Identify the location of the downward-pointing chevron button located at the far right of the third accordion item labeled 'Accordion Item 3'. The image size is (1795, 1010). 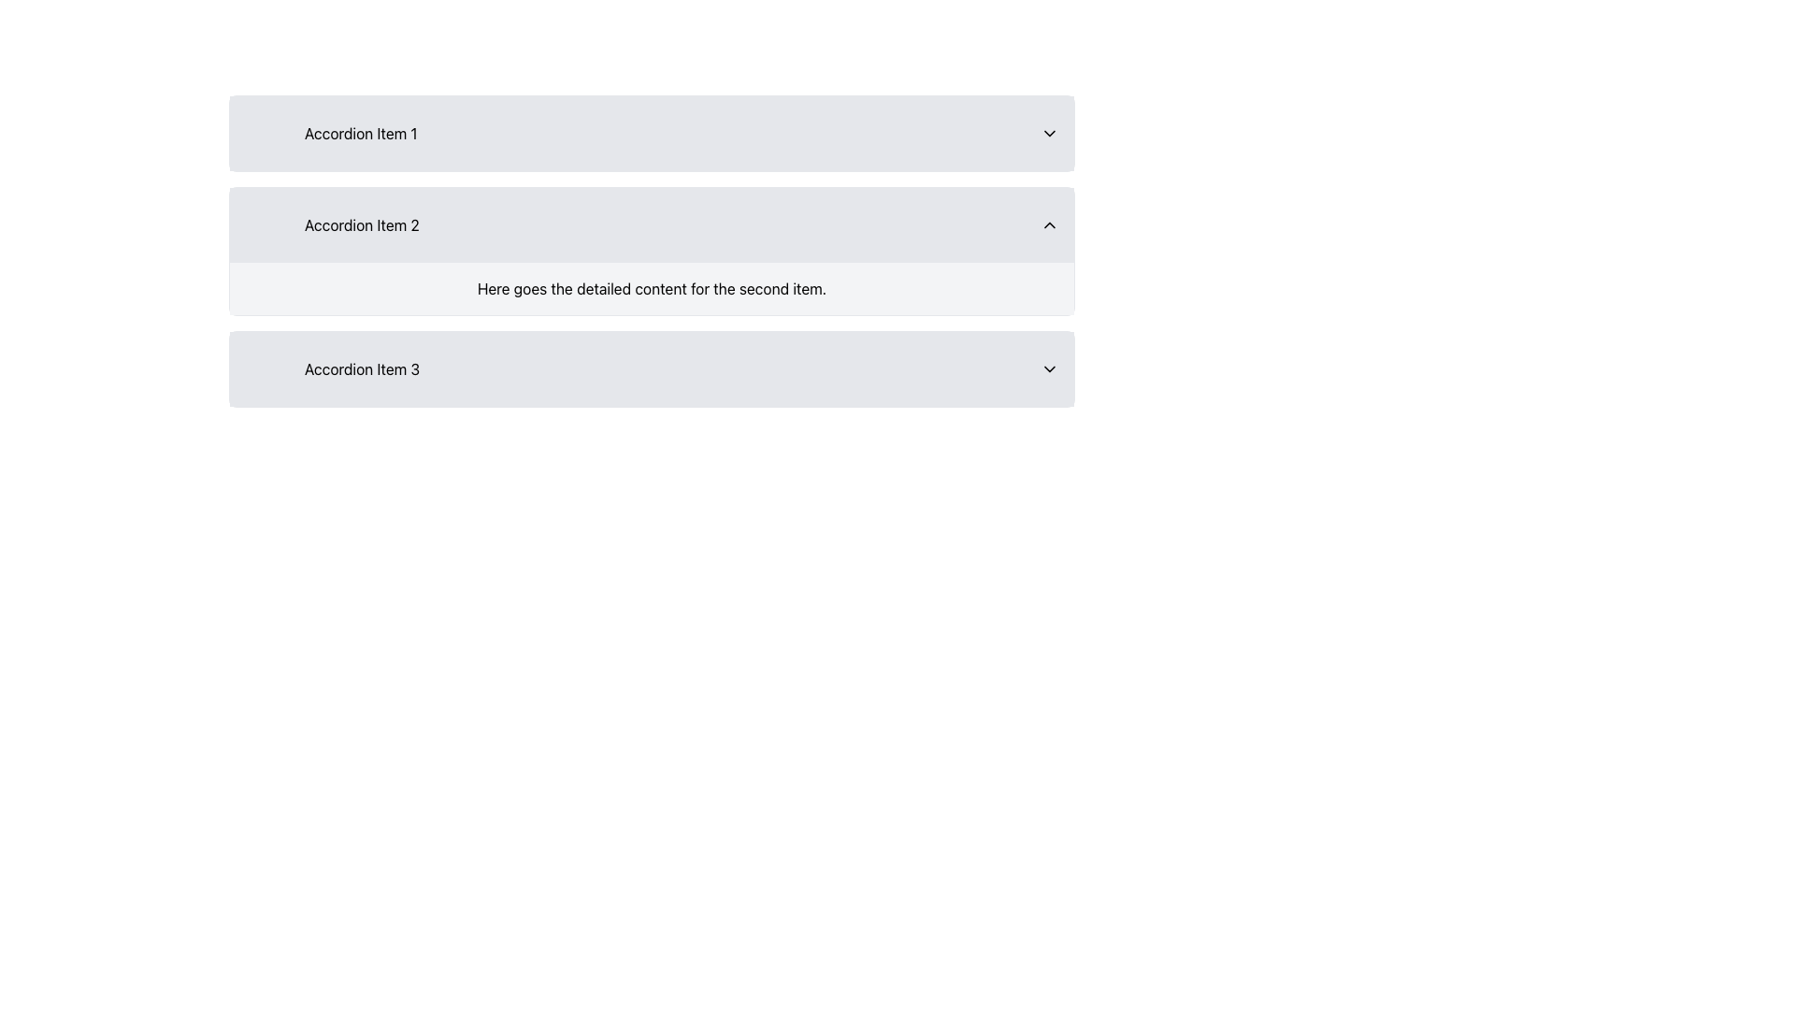
(1050, 368).